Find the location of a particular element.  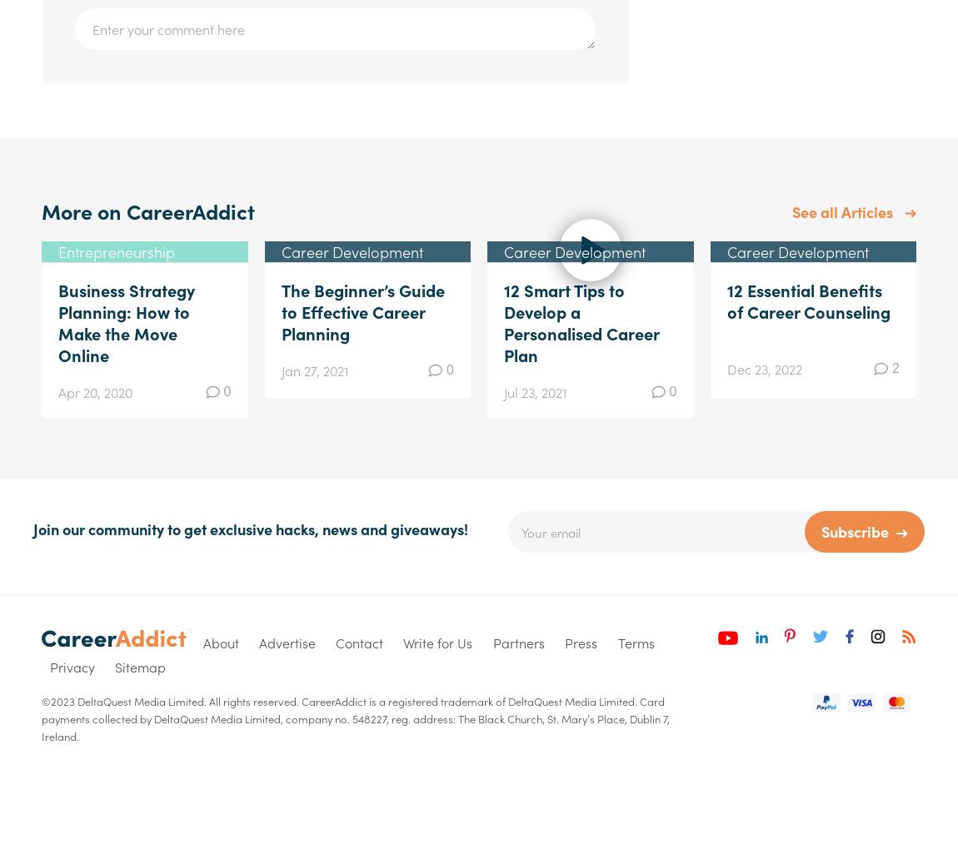

'12 Essential Benefits of Career Counseling' is located at coordinates (808, 299).